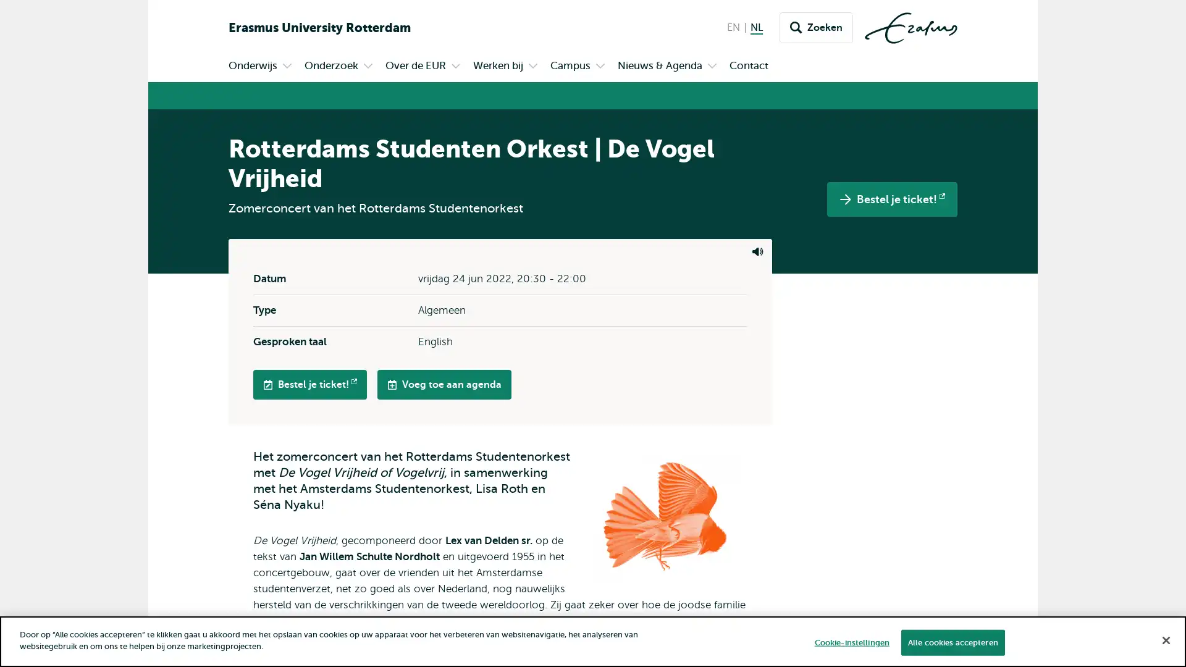 This screenshot has width=1186, height=667. What do you see at coordinates (816, 28) in the screenshot?
I see `Zoeken` at bounding box center [816, 28].